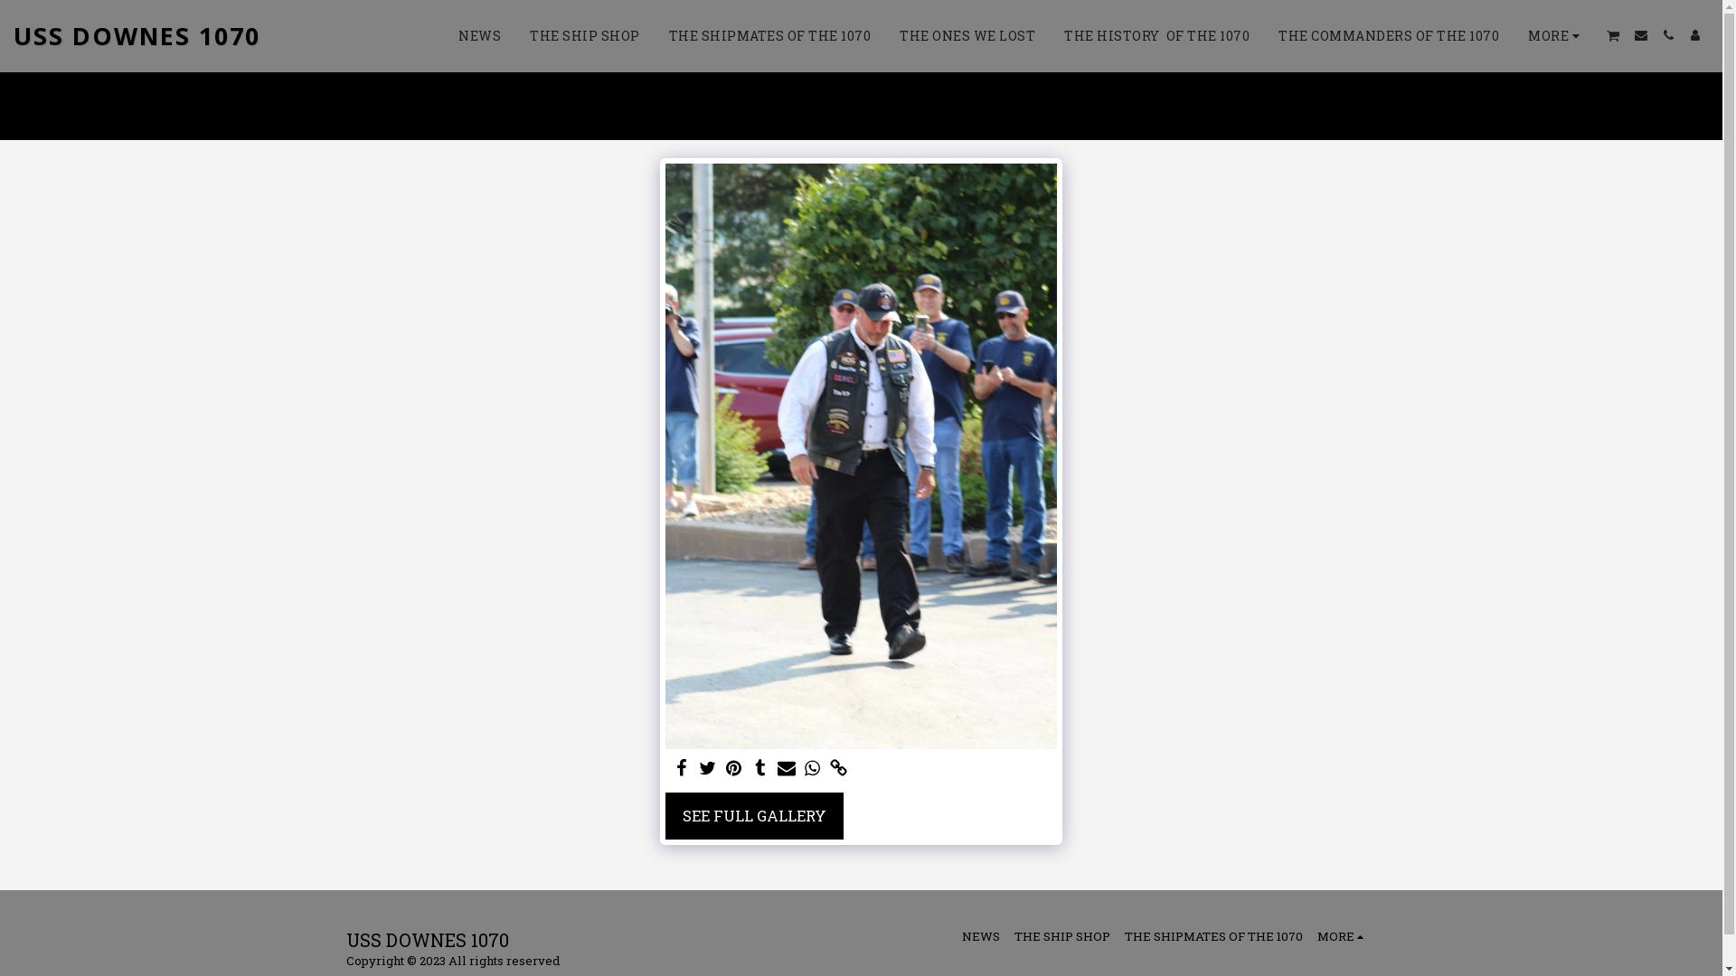 This screenshot has width=1736, height=976. Describe the element at coordinates (681, 769) in the screenshot. I see `' '` at that location.